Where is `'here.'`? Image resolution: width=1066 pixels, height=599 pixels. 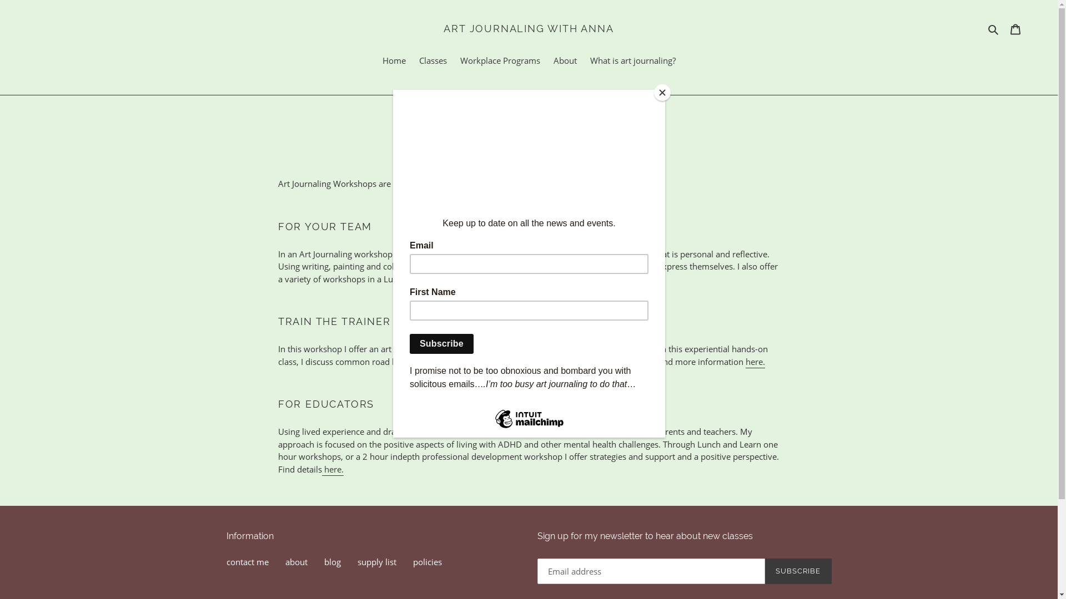 'here.' is located at coordinates (755, 362).